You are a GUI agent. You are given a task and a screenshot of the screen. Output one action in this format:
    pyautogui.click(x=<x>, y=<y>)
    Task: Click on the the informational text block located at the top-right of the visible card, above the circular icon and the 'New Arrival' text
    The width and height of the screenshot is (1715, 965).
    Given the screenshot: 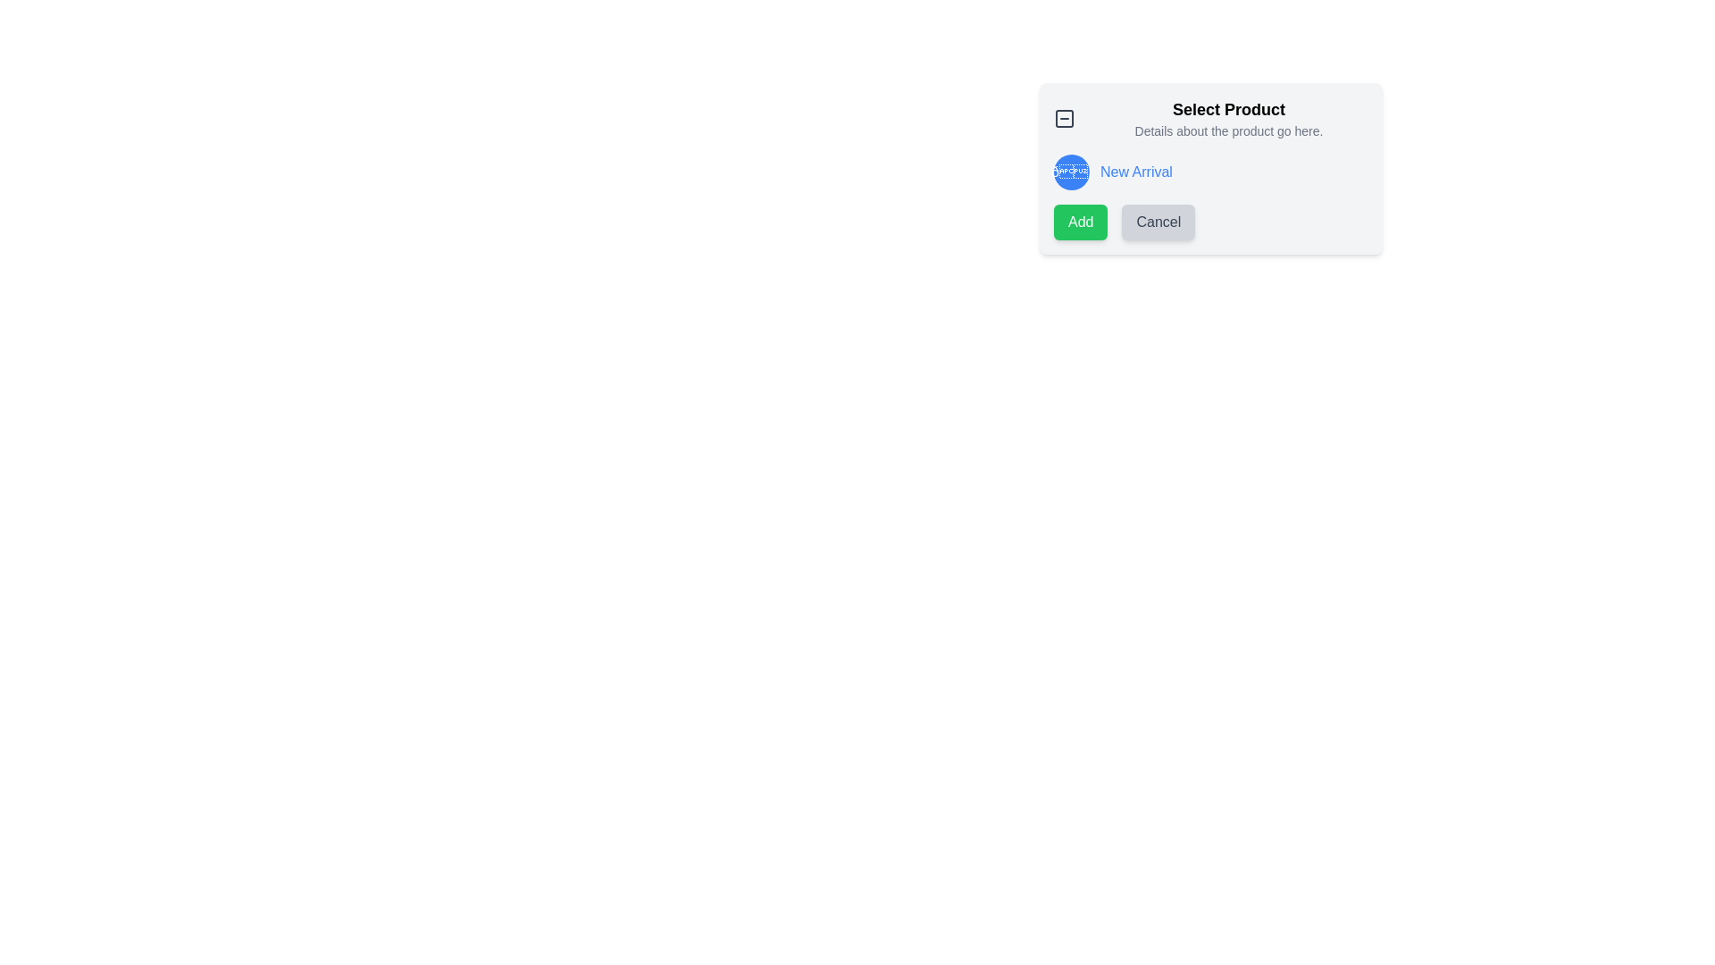 What is the action you would take?
    pyautogui.click(x=1228, y=118)
    